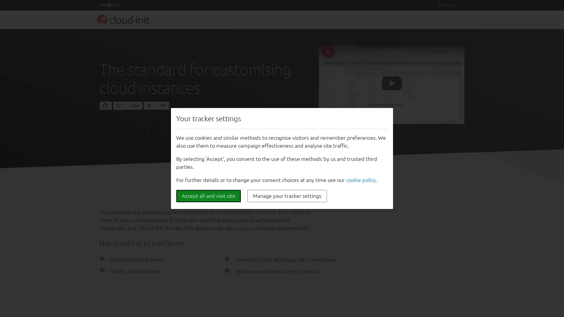 The image size is (564, 317). What do you see at coordinates (209, 196) in the screenshot?
I see `Accept all and visit site` at bounding box center [209, 196].